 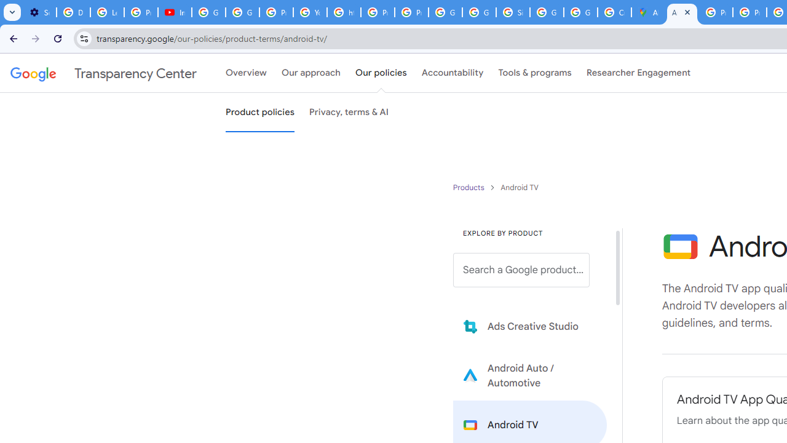 I want to click on 'Our policies', so click(x=381, y=73).